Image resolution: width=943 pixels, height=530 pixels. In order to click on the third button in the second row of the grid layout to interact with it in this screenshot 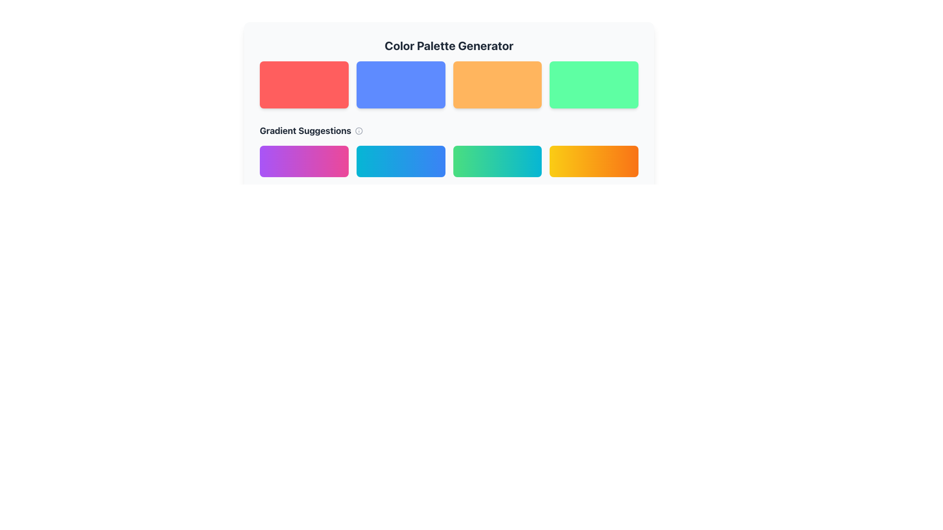, I will do `click(497, 160)`.